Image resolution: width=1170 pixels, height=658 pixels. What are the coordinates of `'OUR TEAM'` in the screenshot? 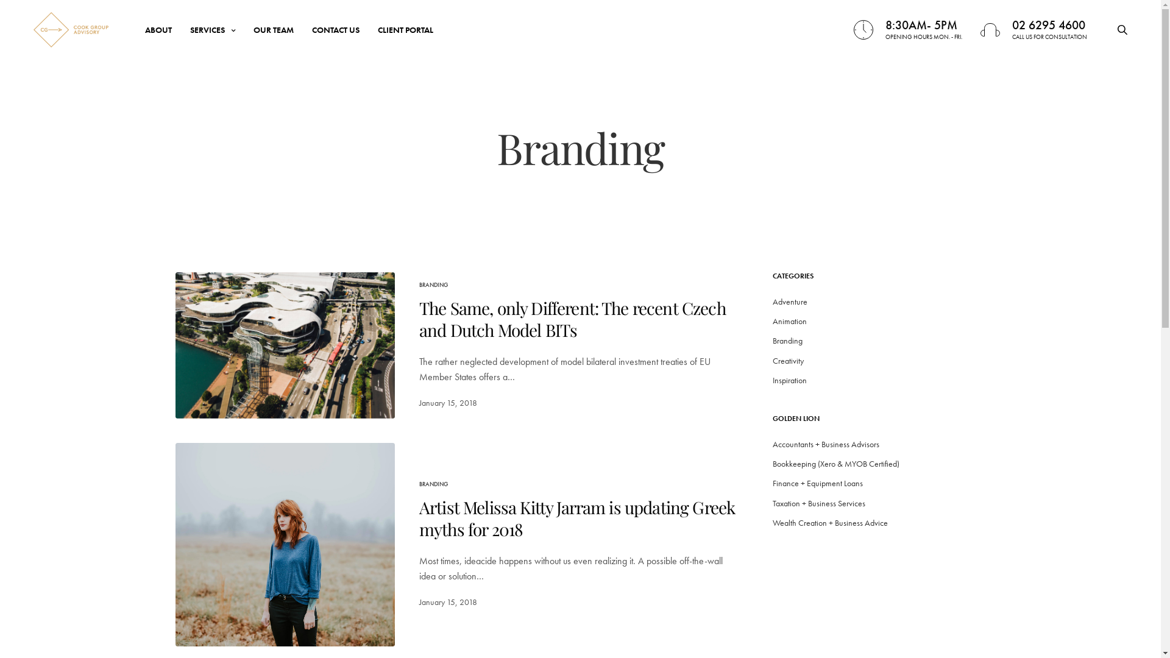 It's located at (273, 29).